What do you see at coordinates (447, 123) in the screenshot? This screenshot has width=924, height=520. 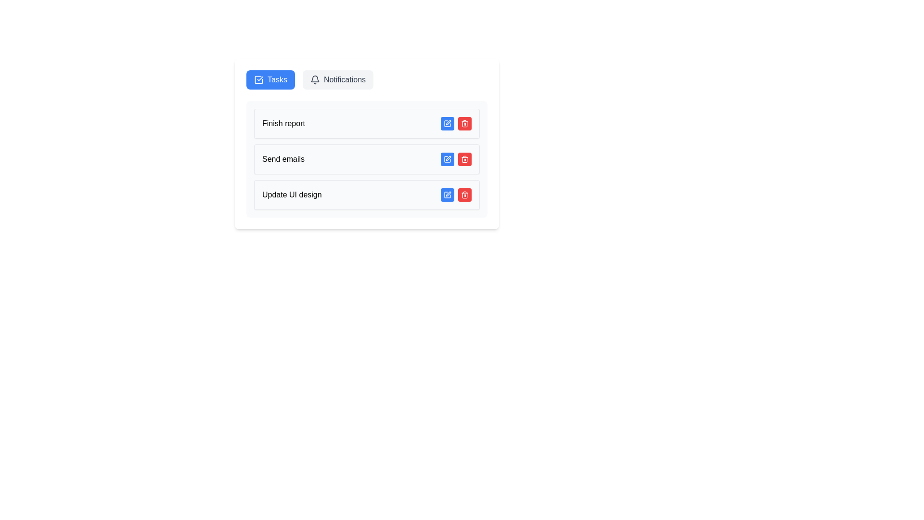 I see `the editing icon, which is a square outline with rounded corners located in the top-right corner of the first task in the vertical list` at bounding box center [447, 123].